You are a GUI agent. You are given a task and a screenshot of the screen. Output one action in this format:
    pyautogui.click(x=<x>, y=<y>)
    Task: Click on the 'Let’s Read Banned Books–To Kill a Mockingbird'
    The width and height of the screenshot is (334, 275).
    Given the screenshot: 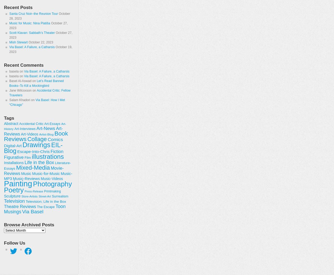 What is the action you would take?
    pyautogui.click(x=9, y=83)
    